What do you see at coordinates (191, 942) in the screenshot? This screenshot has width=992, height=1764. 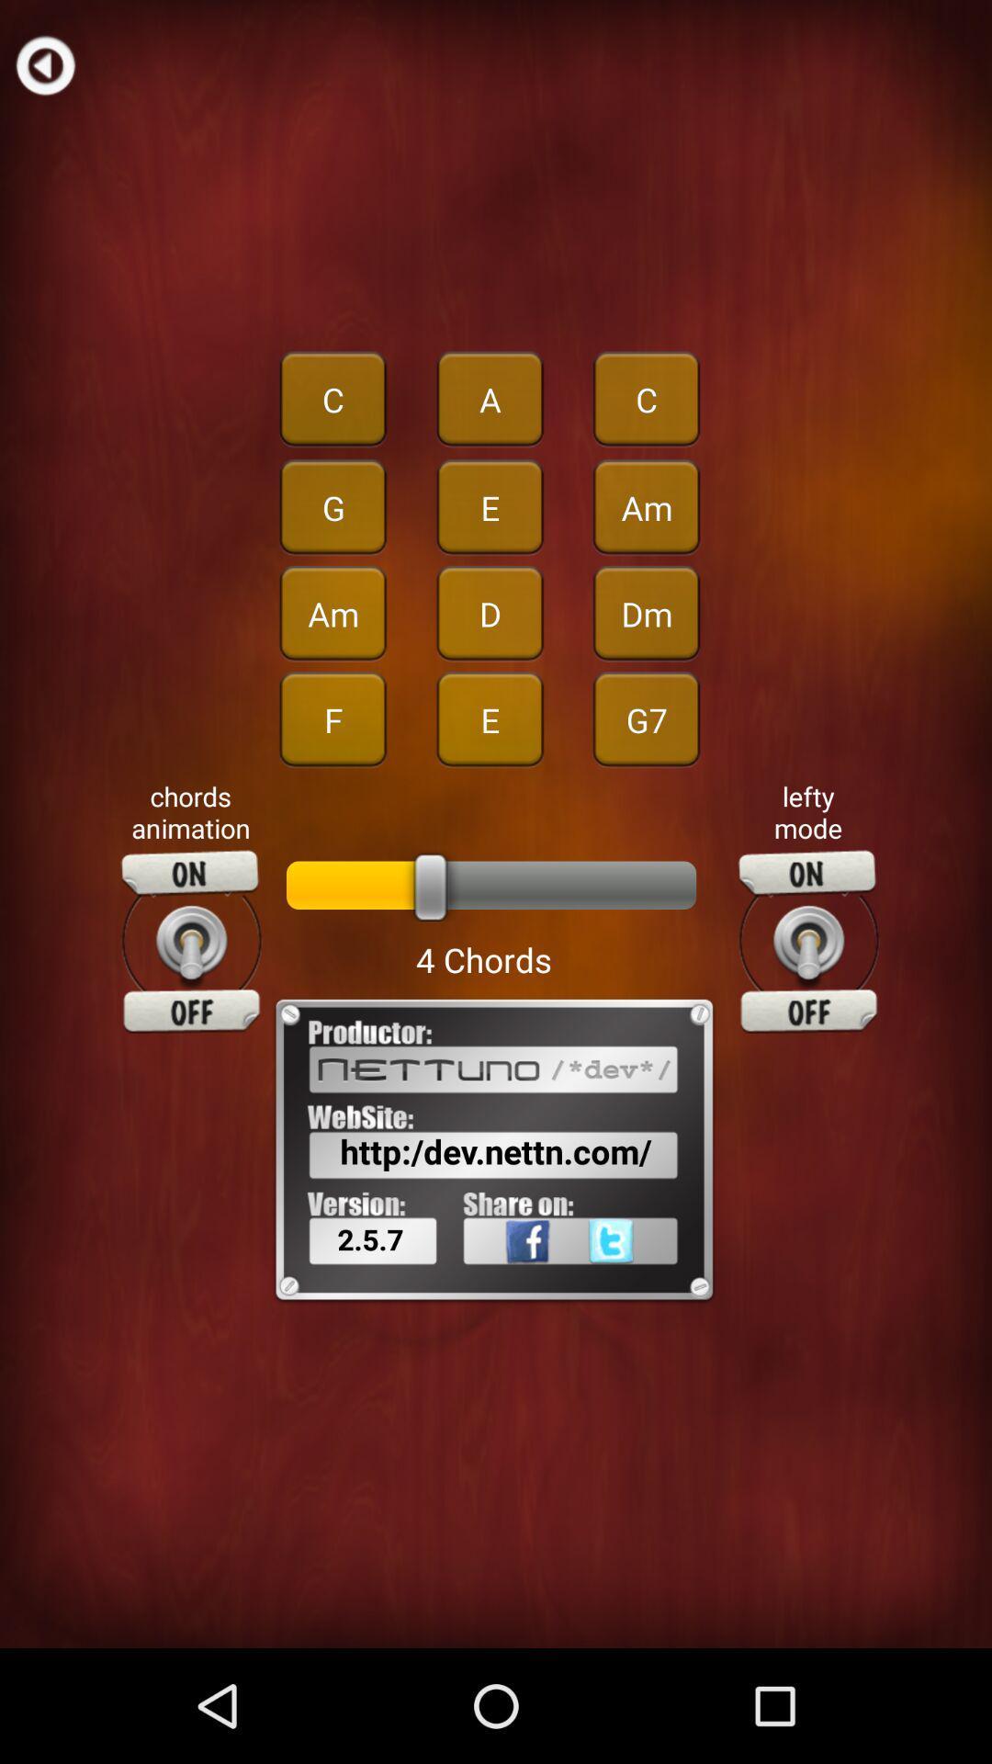 I see `the icon below the chords` at bounding box center [191, 942].